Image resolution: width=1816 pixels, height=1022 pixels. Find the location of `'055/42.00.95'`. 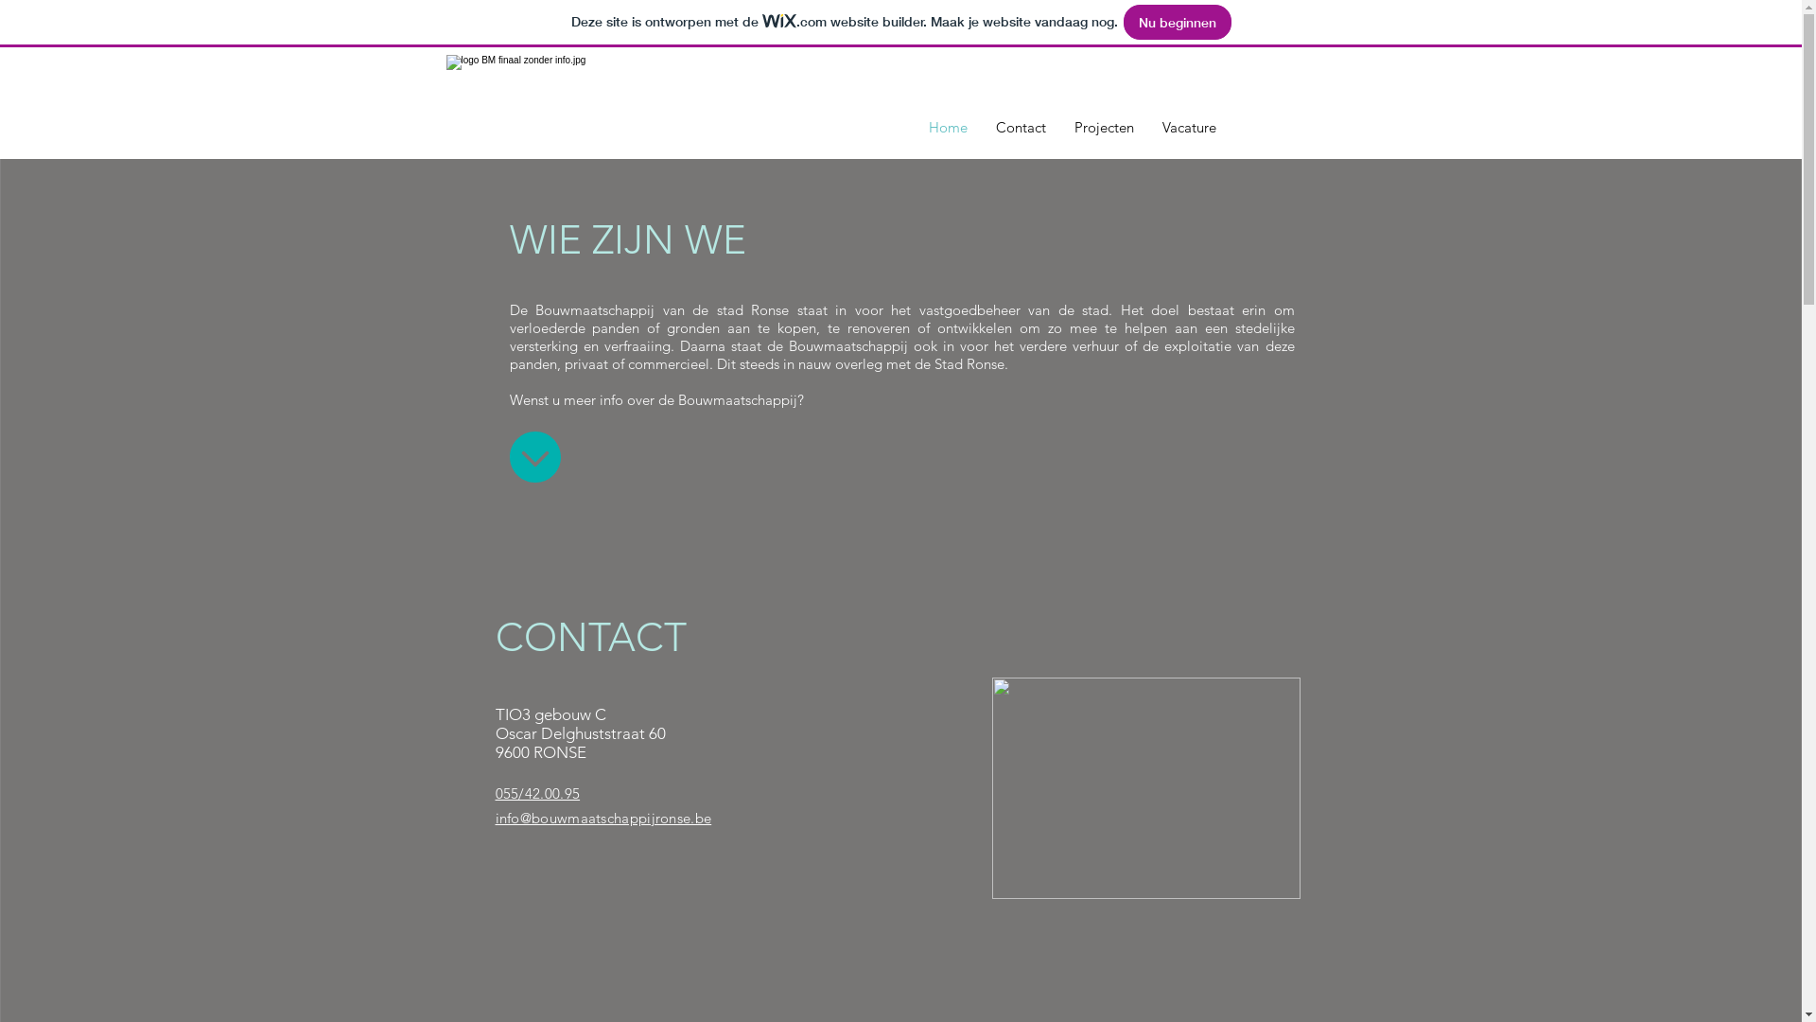

'055/42.00.95' is located at coordinates (537, 793).